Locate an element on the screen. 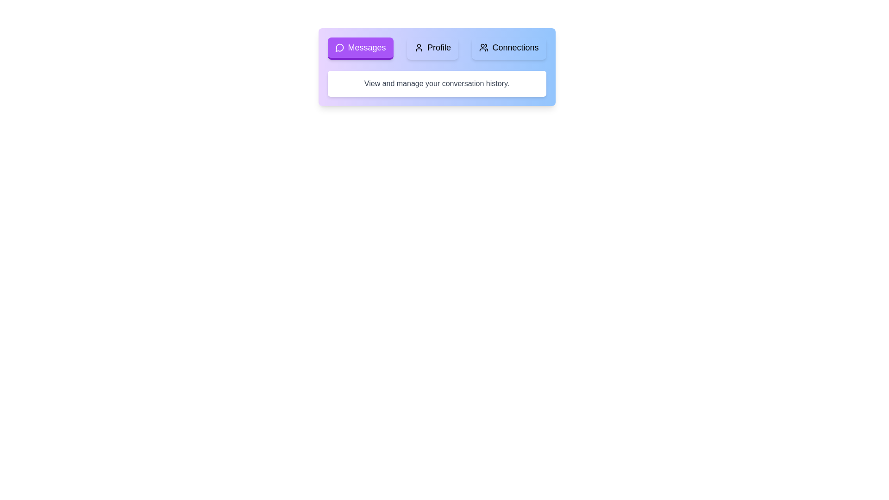 The height and width of the screenshot is (500, 889). the 'Messages' button, which includes an icon representing the 'Messages' section in the top-left navigation bar is located at coordinates (339, 48).